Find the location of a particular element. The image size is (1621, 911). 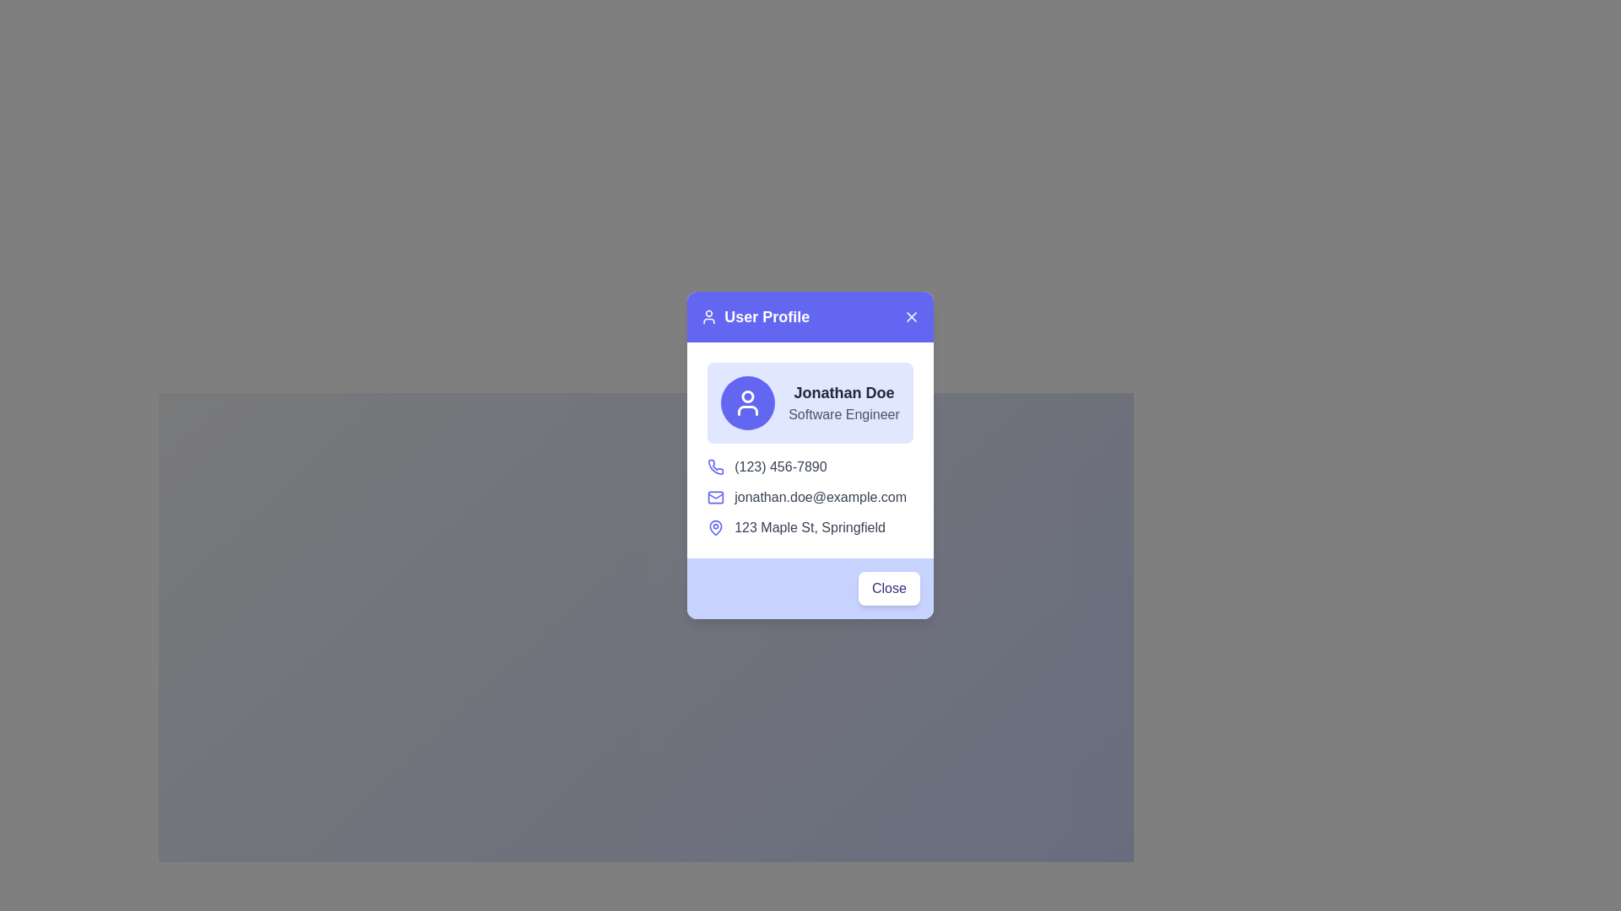

the Text with Icon displaying the user's address information, located at the bottom of the contact information group in the user profile dialog is located at coordinates (810, 526).